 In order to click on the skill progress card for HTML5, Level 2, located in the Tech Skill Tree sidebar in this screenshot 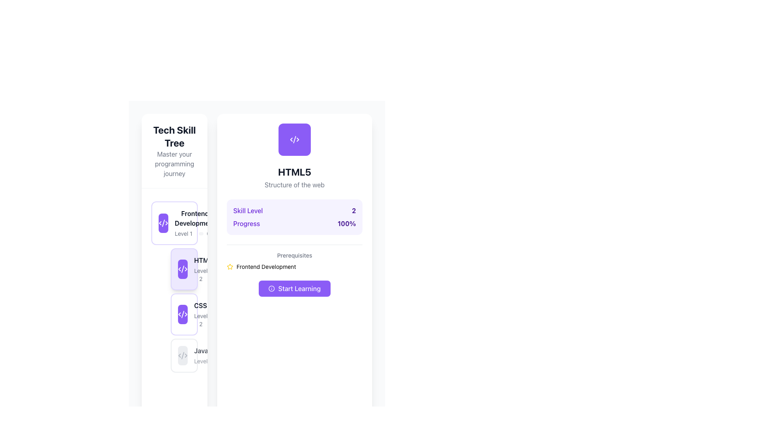, I will do `click(174, 286)`.